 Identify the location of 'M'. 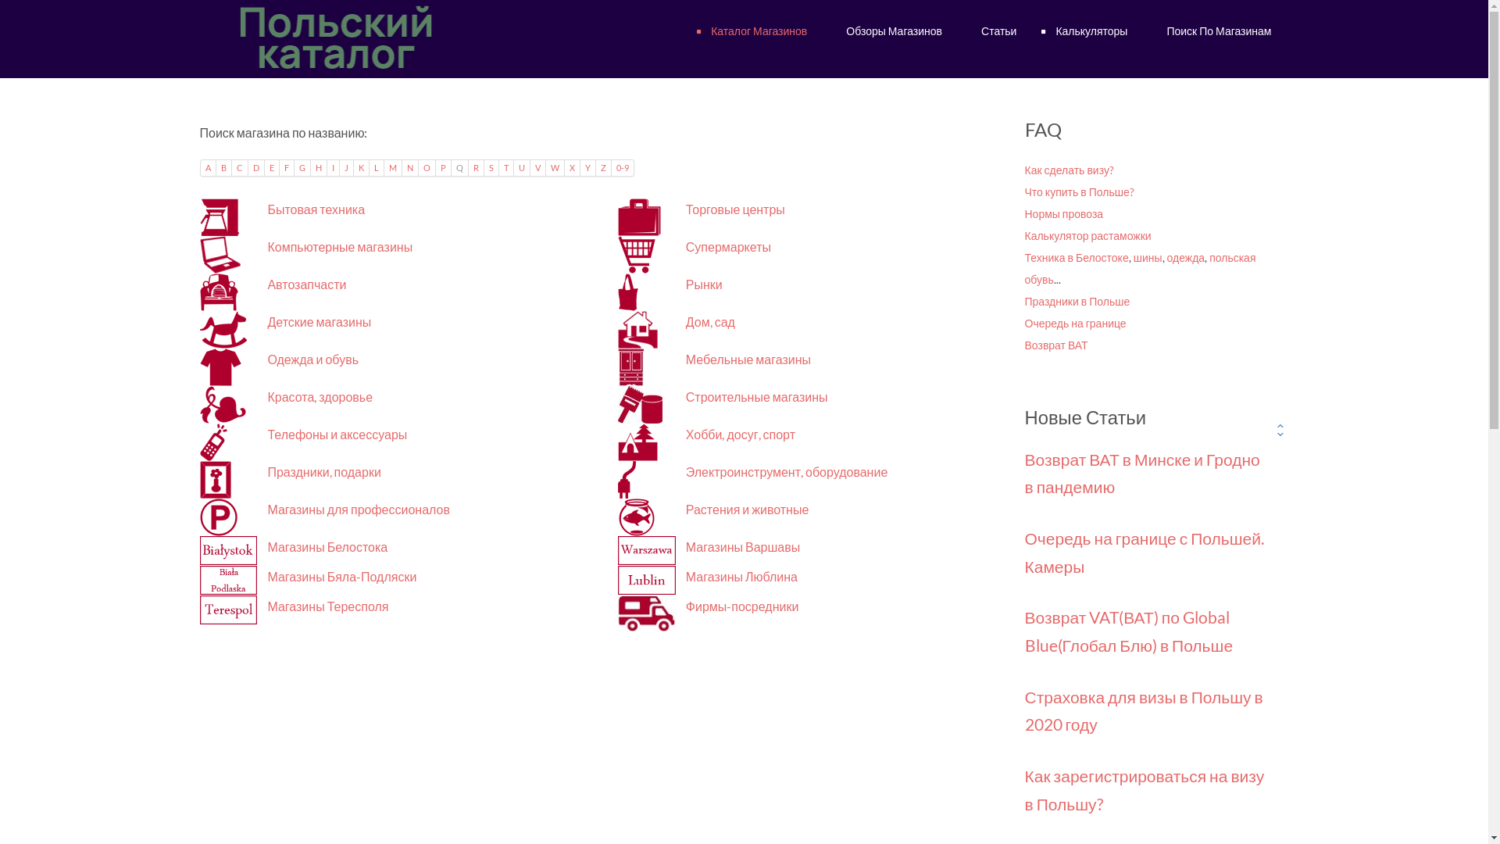
(393, 168).